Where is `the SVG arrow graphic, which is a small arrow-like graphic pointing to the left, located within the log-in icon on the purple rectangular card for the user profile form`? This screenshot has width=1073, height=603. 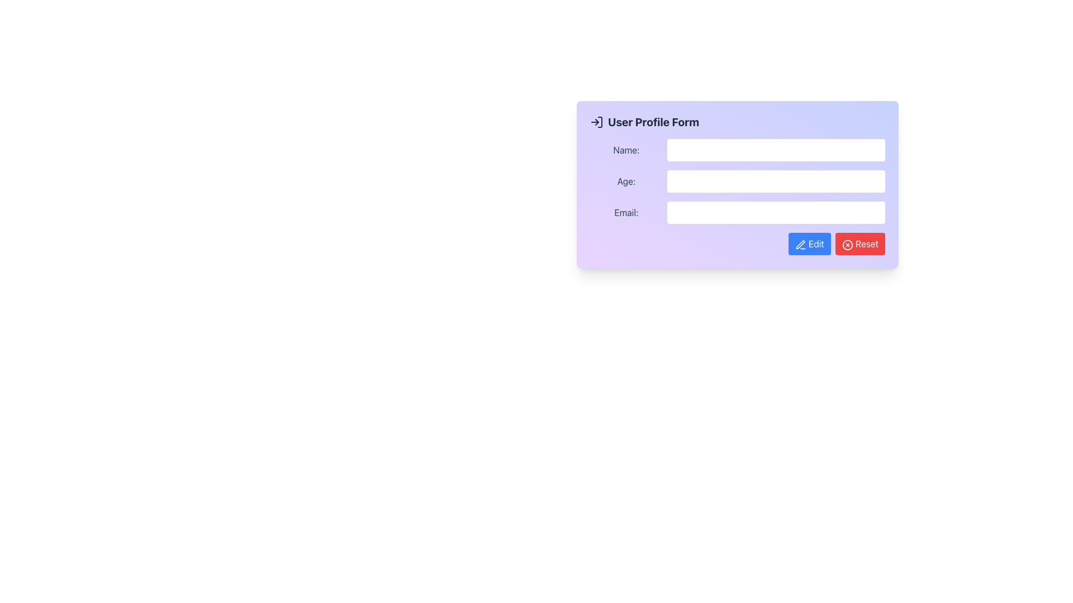
the SVG arrow graphic, which is a small arrow-like graphic pointing to the left, located within the log-in icon on the purple rectangular card for the user profile form is located at coordinates (596, 122).